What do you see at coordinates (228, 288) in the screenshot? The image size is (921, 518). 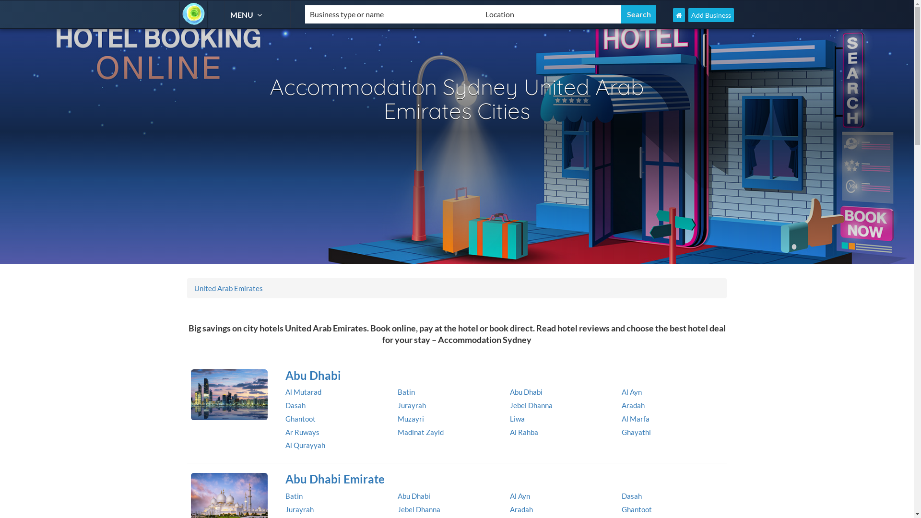 I see `'United Arab Emirates'` at bounding box center [228, 288].